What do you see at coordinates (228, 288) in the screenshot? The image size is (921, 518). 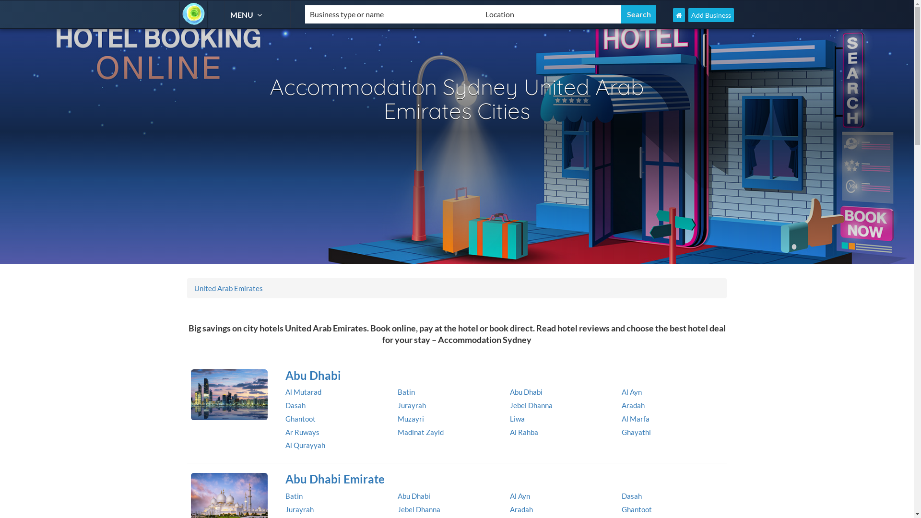 I see `'United Arab Emirates'` at bounding box center [228, 288].